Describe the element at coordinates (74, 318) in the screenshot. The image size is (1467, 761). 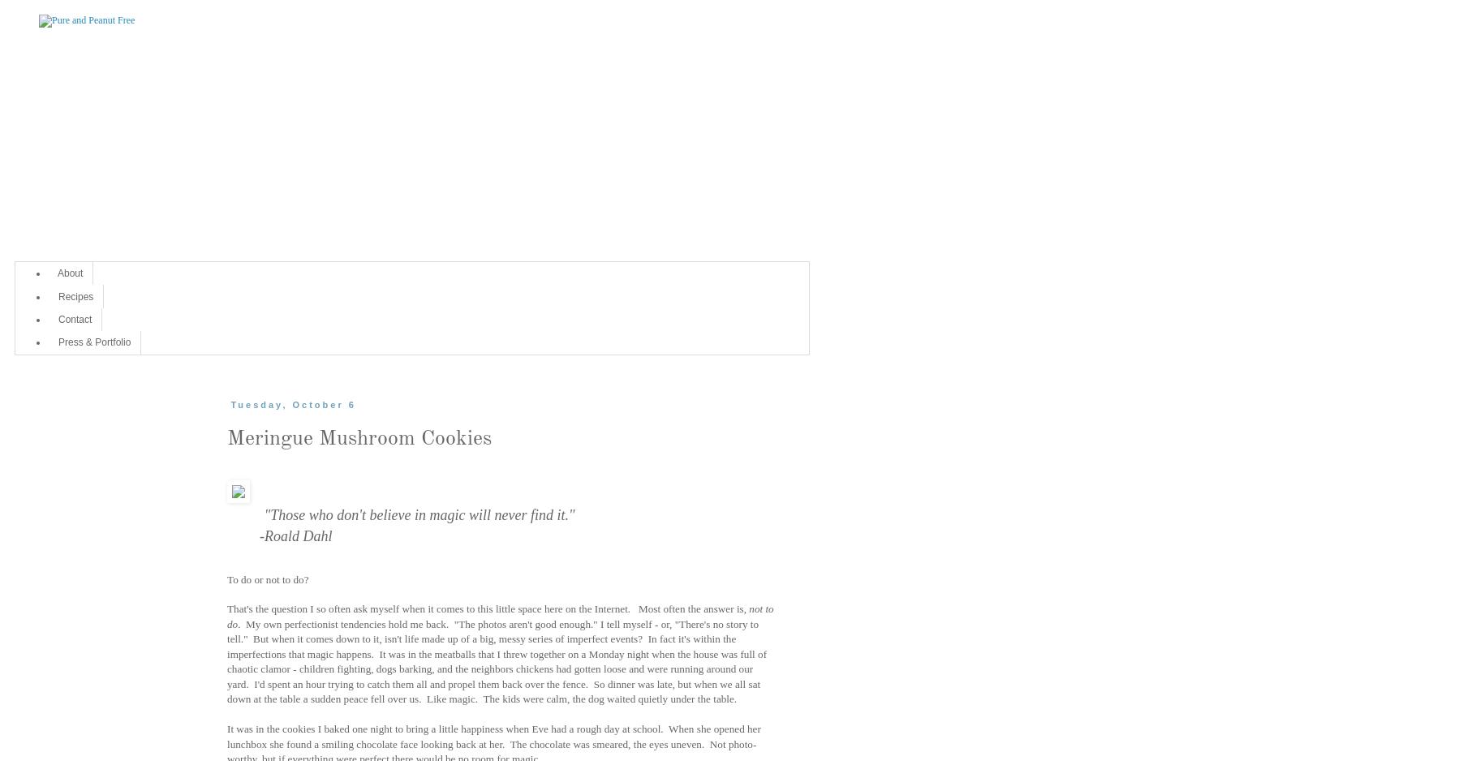
I see `'Contact'` at that location.